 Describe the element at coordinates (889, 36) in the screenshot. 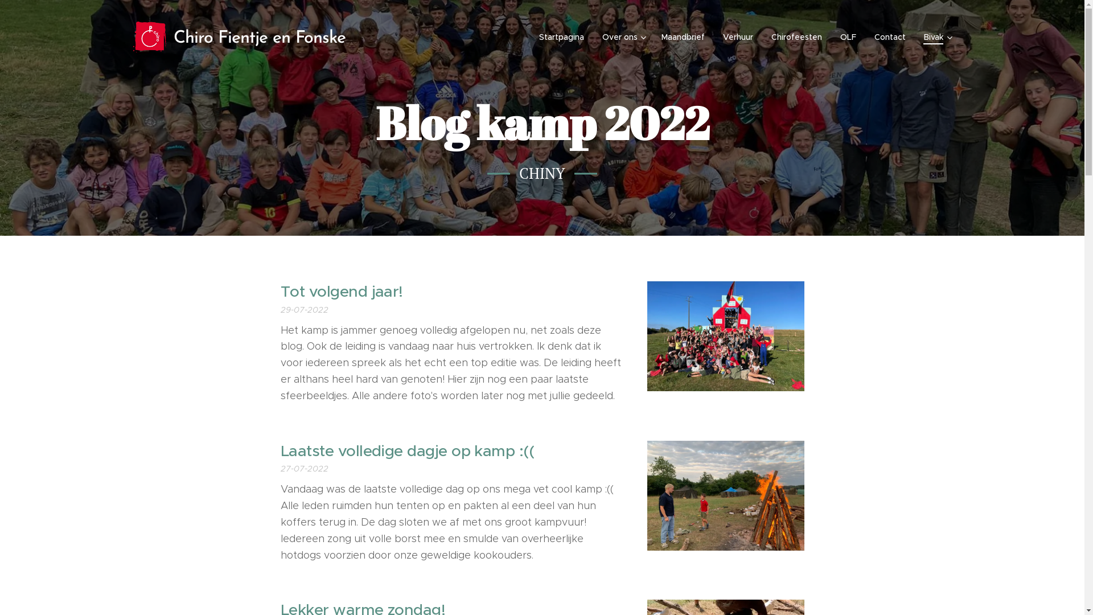

I see `'Contact'` at that location.